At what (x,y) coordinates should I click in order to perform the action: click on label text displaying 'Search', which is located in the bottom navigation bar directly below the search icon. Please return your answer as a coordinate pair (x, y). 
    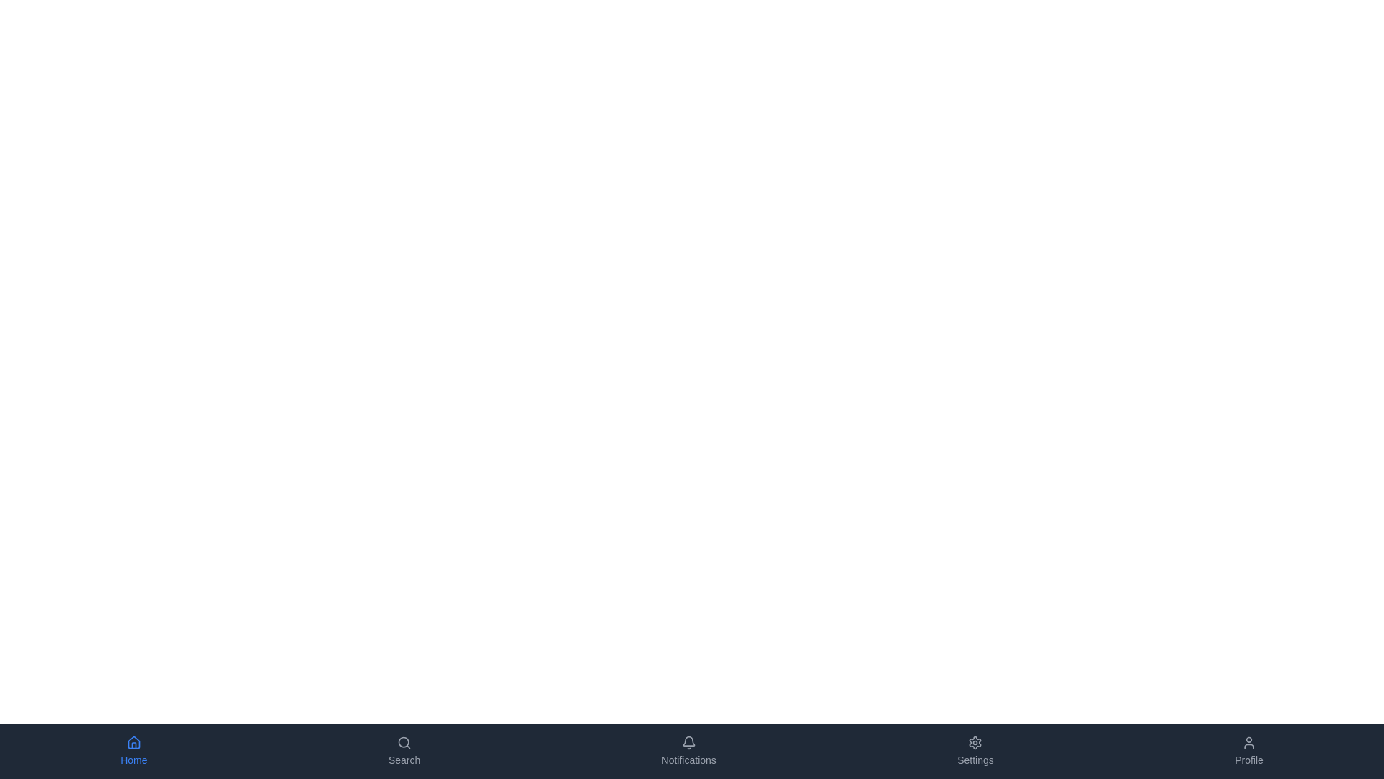
    Looking at the image, I should click on (404, 759).